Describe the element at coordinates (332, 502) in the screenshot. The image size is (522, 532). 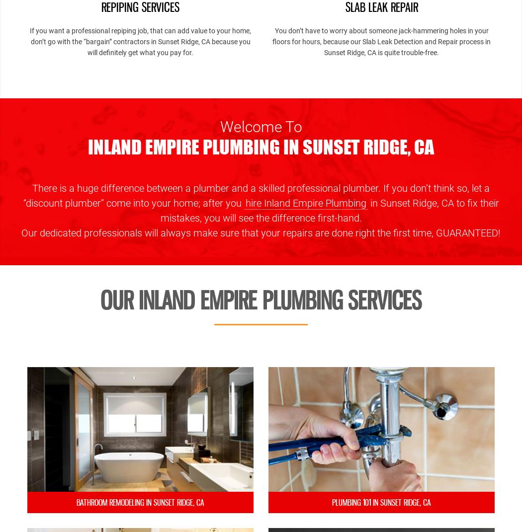
I see `'Plumbing 101 in Sunset Ridge, CA'` at that location.